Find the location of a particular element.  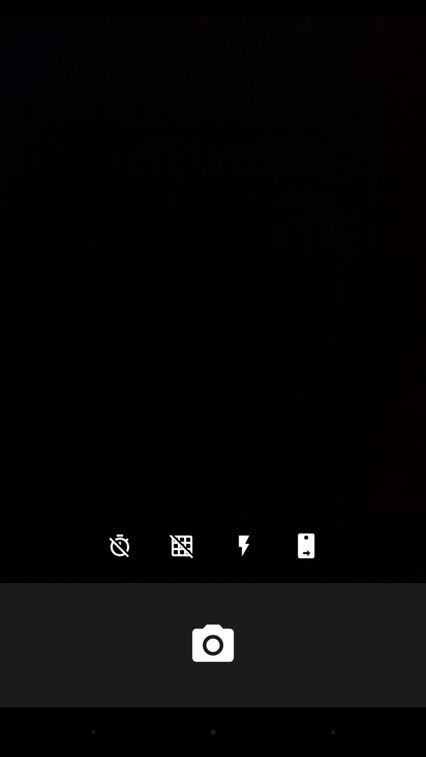

the flash icon is located at coordinates (243, 545).